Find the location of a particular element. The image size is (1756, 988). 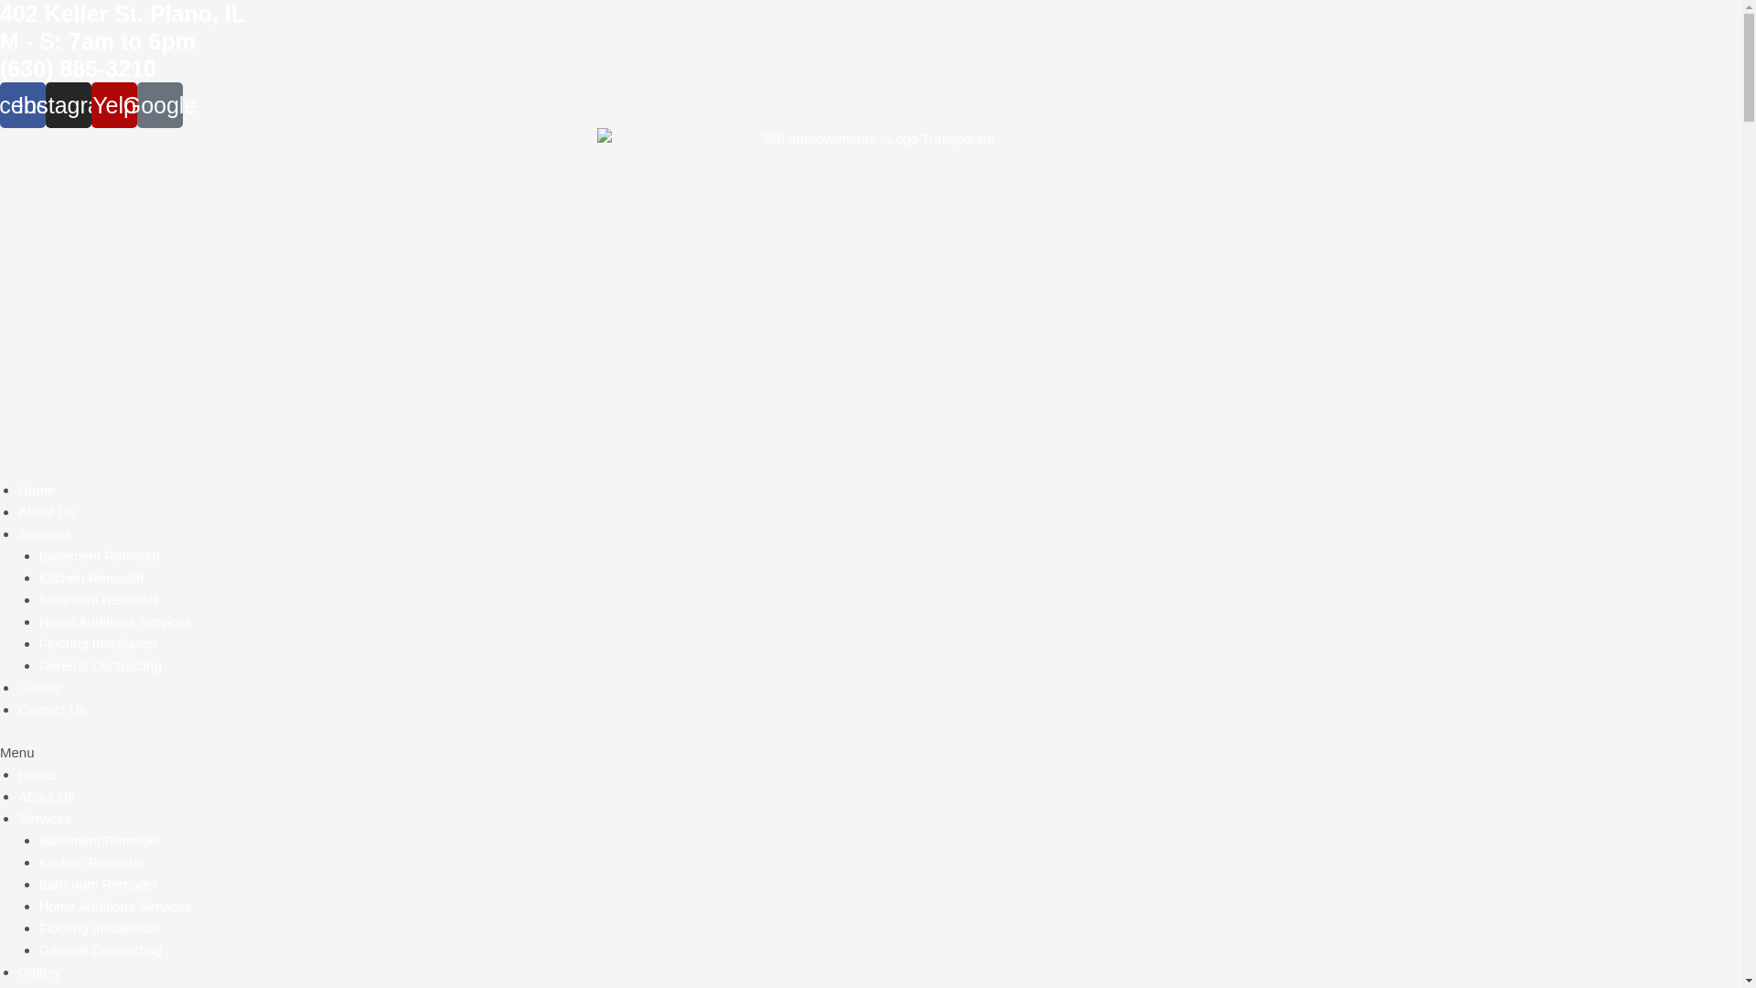

'About Us' is located at coordinates (17, 795).